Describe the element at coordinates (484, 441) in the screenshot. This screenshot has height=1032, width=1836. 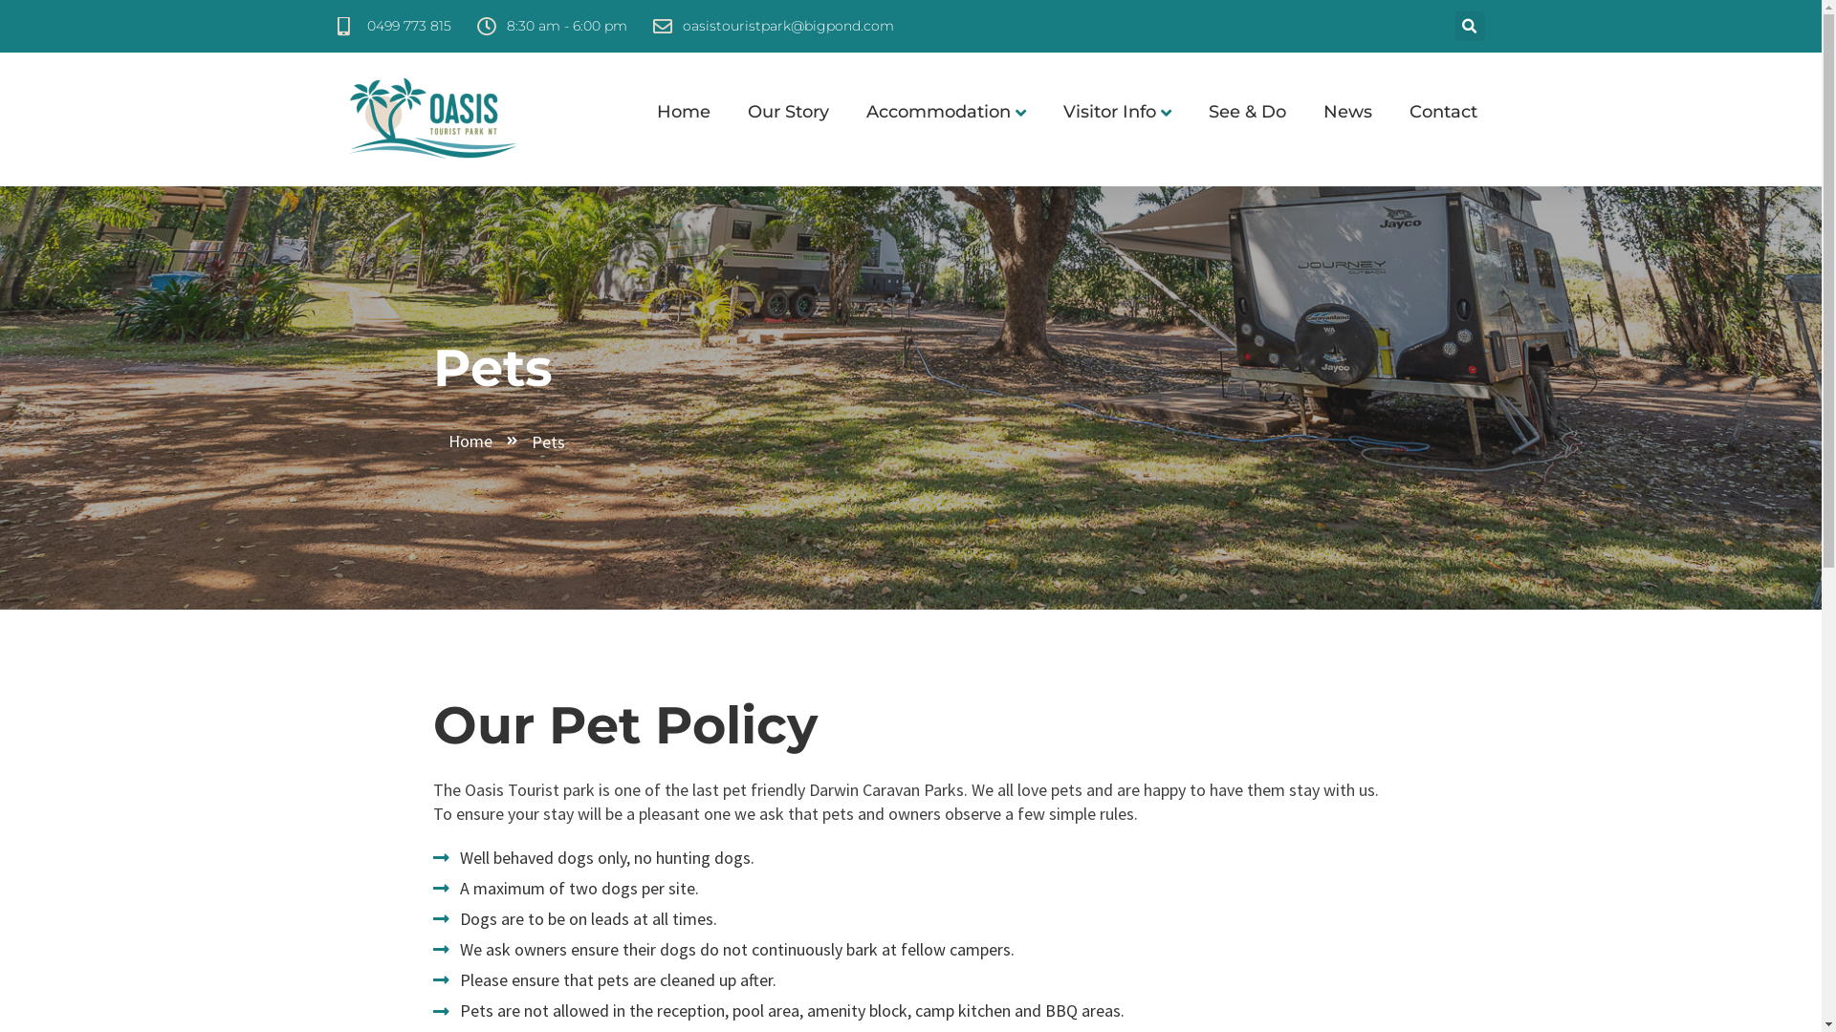
I see `'Home'` at that location.